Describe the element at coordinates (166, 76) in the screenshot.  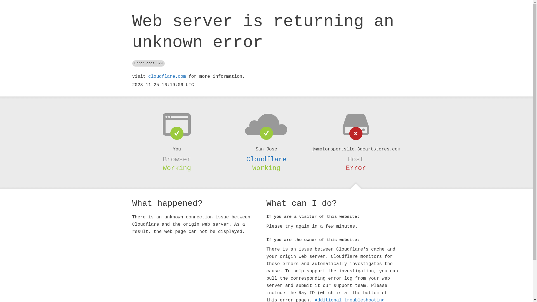
I see `'cloudflare.com'` at that location.